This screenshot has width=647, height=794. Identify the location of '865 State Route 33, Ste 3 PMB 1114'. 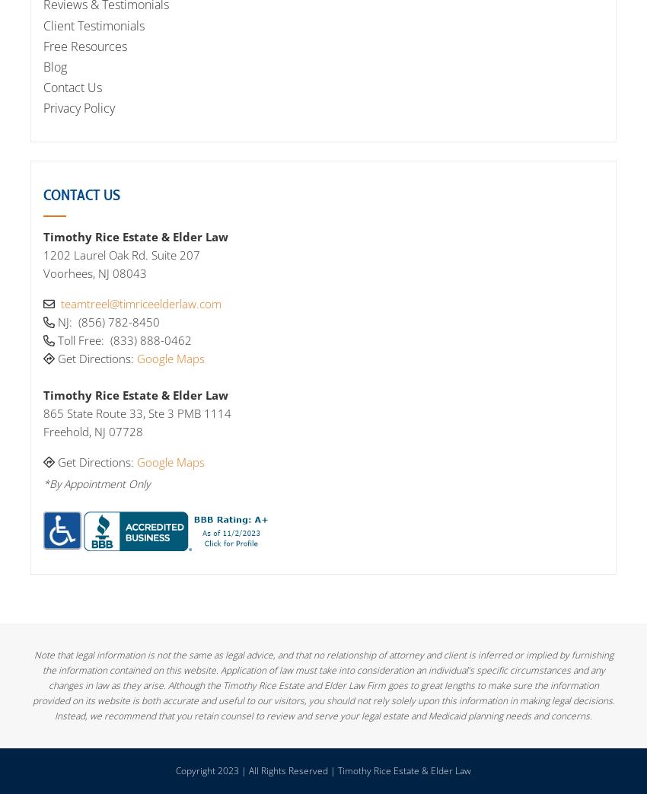
(136, 413).